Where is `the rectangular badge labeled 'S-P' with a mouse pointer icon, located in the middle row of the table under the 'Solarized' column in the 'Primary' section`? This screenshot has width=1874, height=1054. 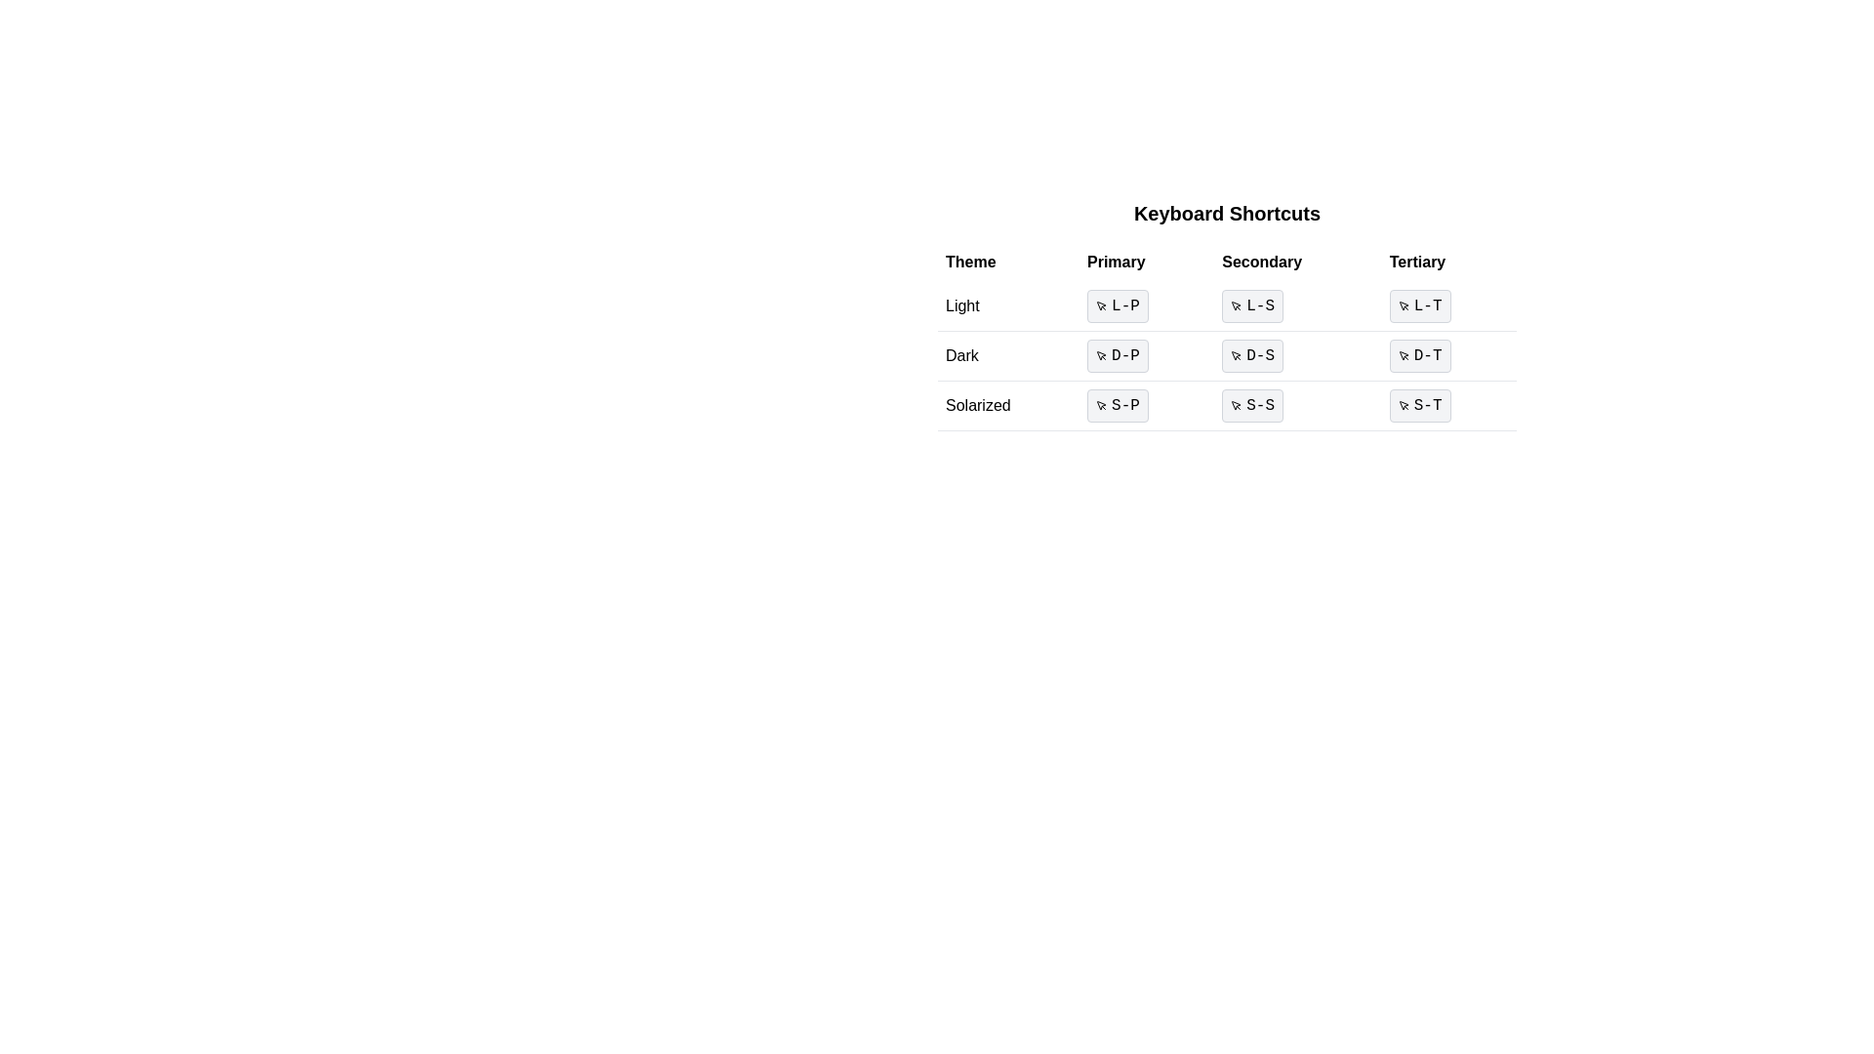 the rectangular badge labeled 'S-P' with a mouse pointer icon, located in the middle row of the table under the 'Solarized' column in the 'Primary' section is located at coordinates (1118, 405).